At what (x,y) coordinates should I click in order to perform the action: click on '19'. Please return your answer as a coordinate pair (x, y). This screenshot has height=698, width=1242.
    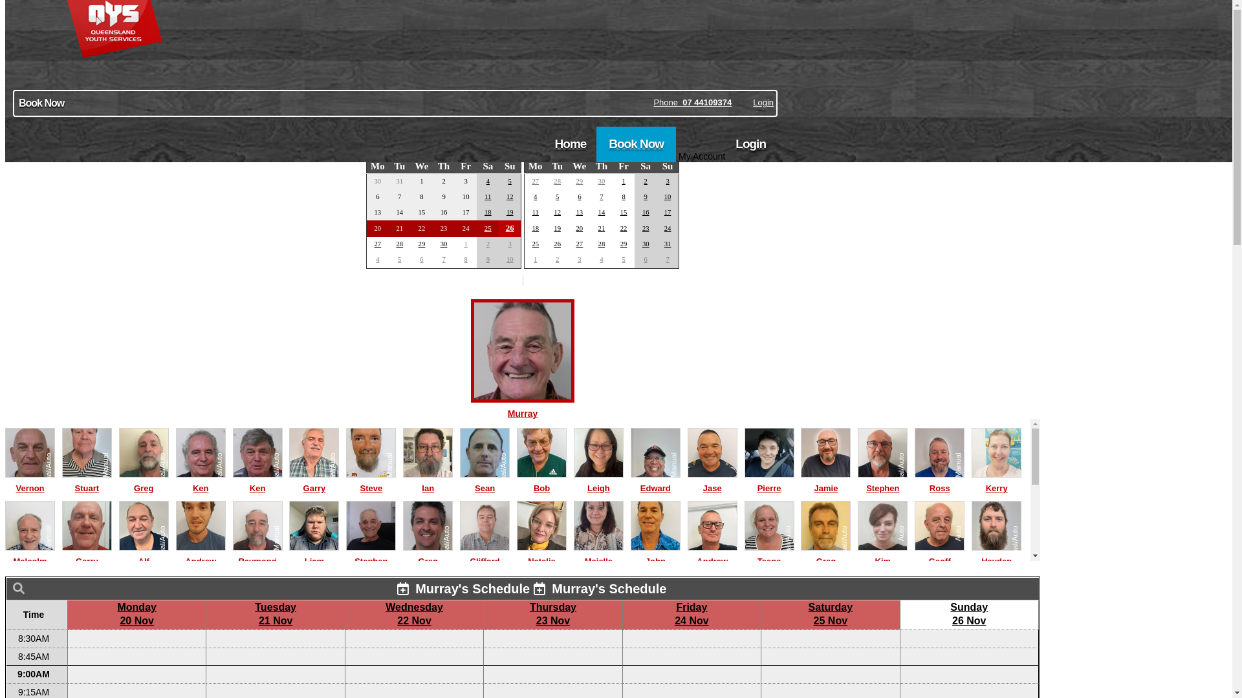
    Looking at the image, I should click on (557, 227).